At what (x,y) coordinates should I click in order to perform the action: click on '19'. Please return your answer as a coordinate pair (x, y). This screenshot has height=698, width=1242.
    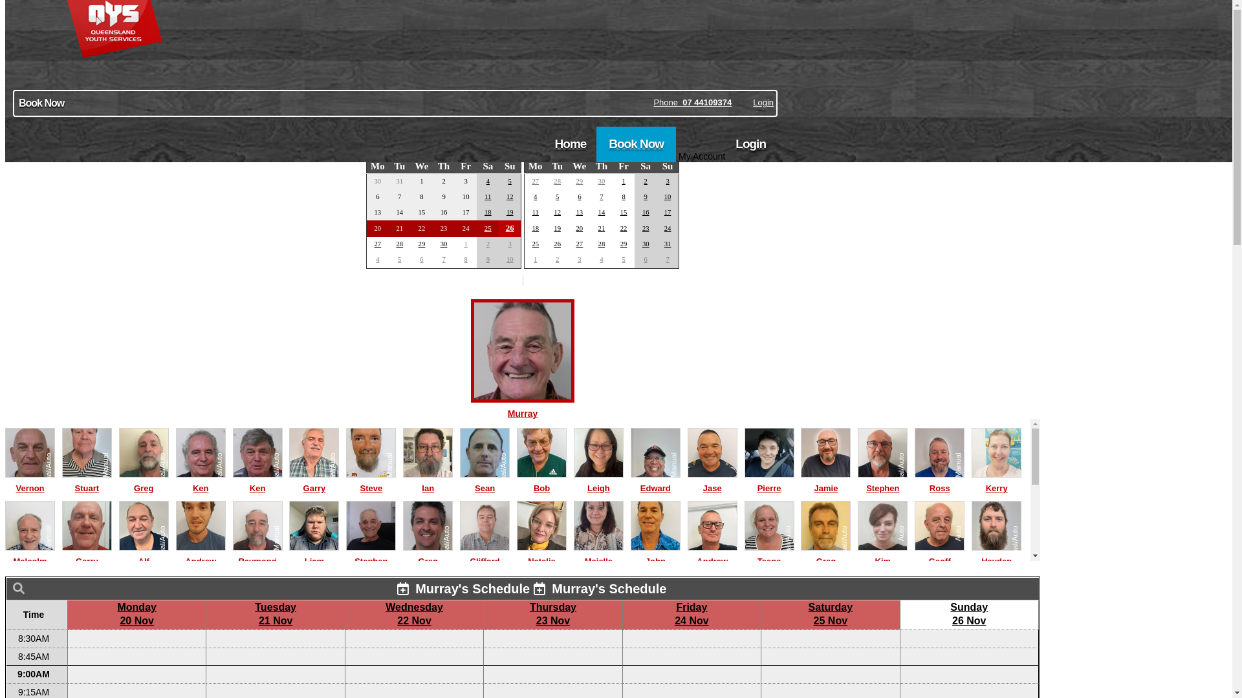
    Looking at the image, I should click on (557, 227).